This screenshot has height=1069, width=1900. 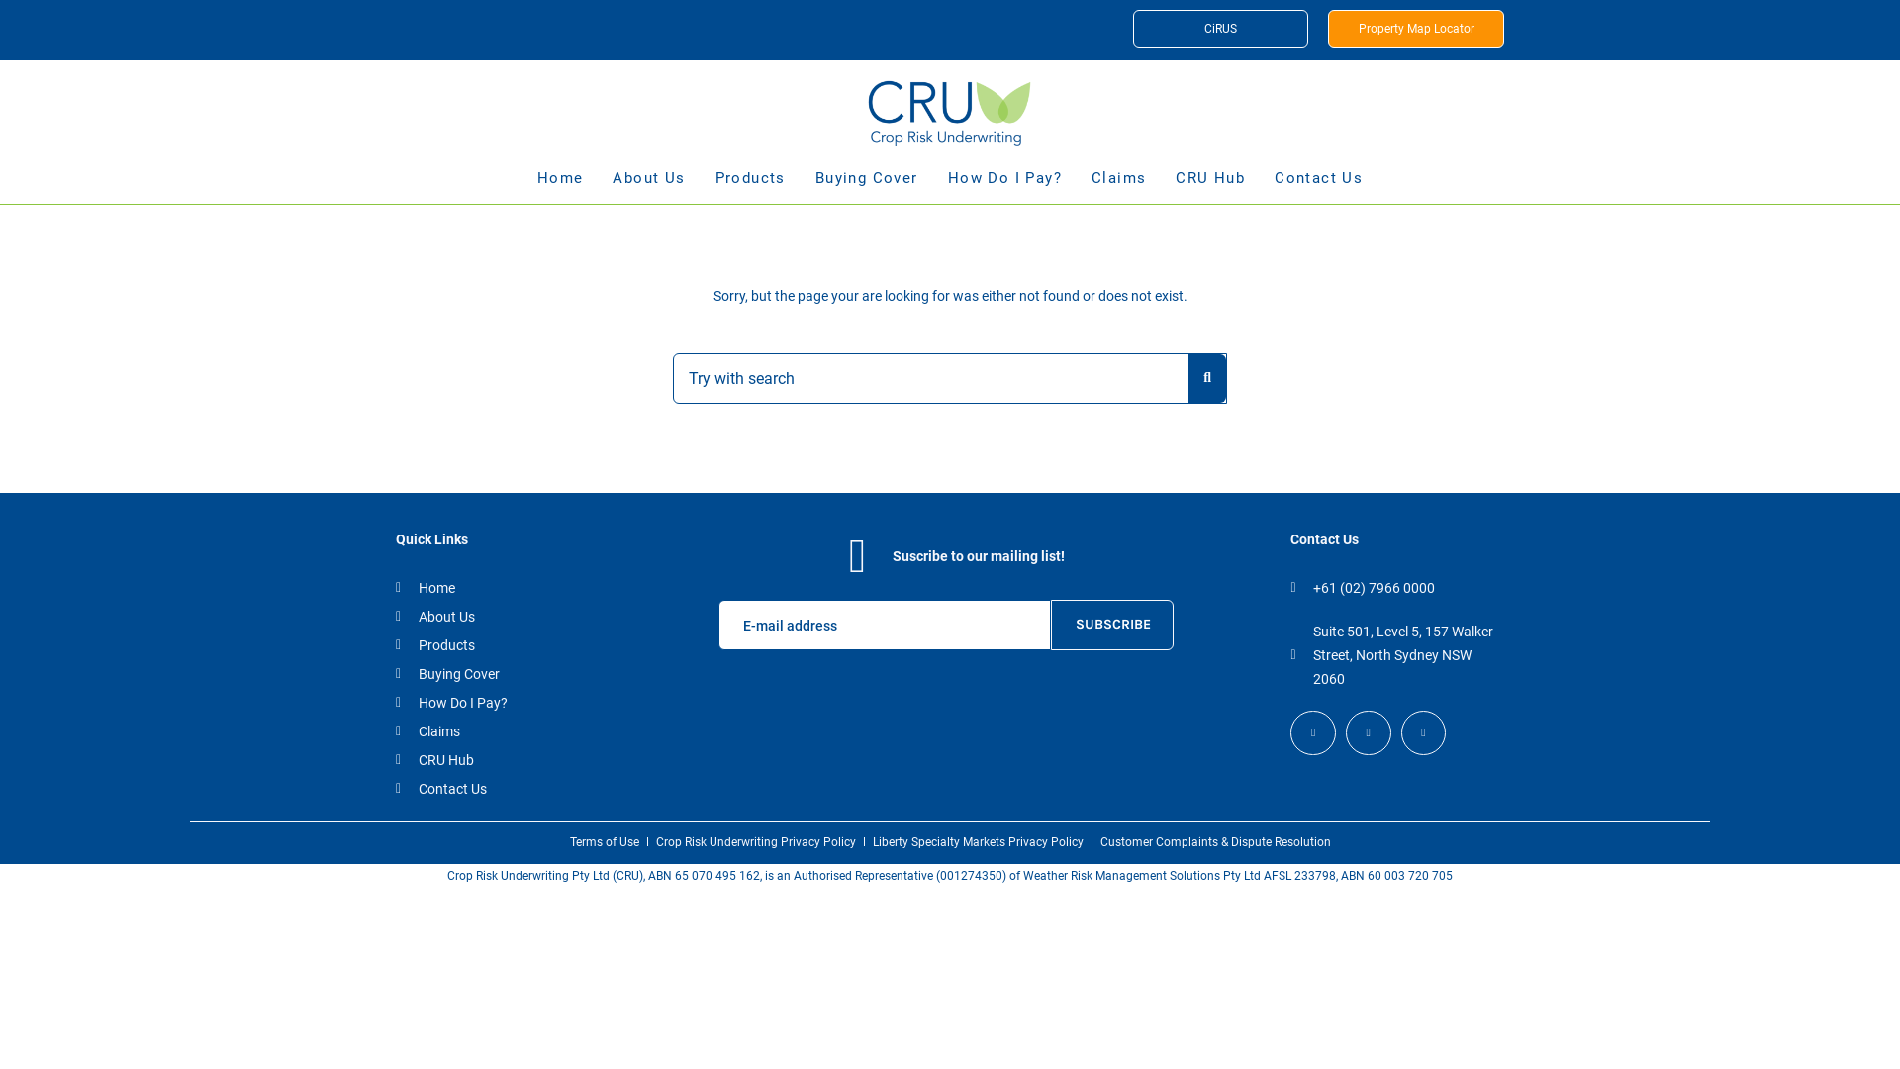 What do you see at coordinates (754, 842) in the screenshot?
I see `'Crop Risk Underwriting Privacy Policy'` at bounding box center [754, 842].